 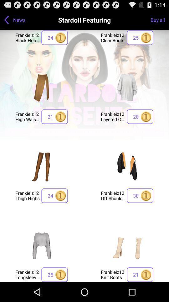 What do you see at coordinates (127, 166) in the screenshot?
I see `buy item` at bounding box center [127, 166].